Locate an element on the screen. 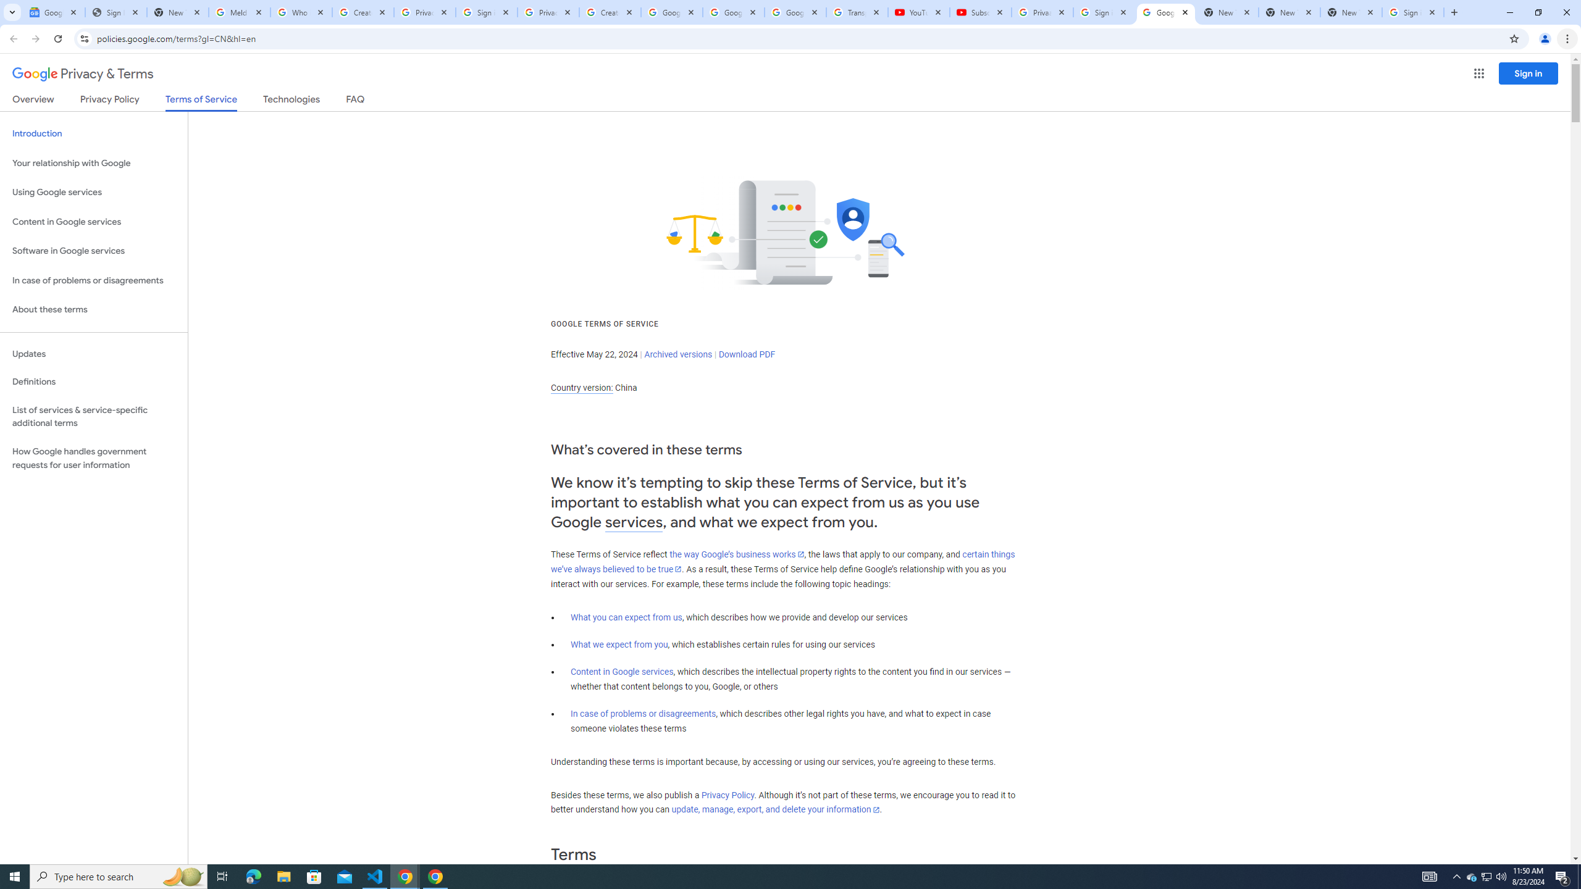 The image size is (1581, 889). 'Content in Google services' is located at coordinates (621, 671).